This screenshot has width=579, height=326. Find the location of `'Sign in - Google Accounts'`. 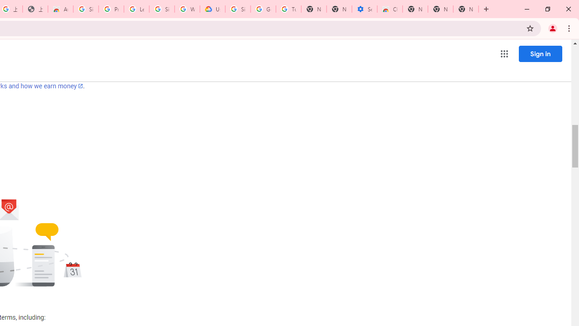

'Sign in - Google Accounts' is located at coordinates (86, 9).